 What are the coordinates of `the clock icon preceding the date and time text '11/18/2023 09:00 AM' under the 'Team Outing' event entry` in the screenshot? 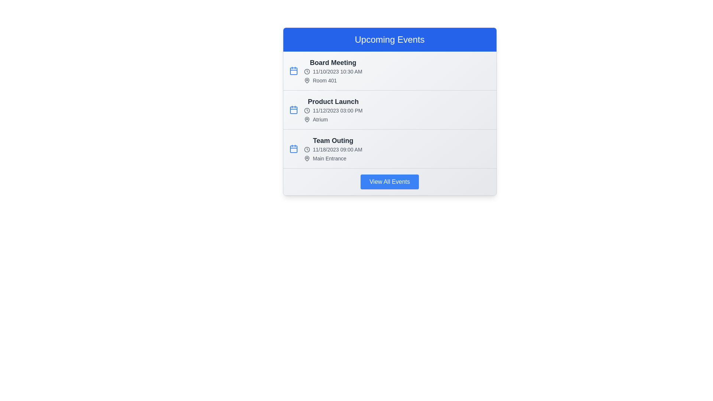 It's located at (307, 149).